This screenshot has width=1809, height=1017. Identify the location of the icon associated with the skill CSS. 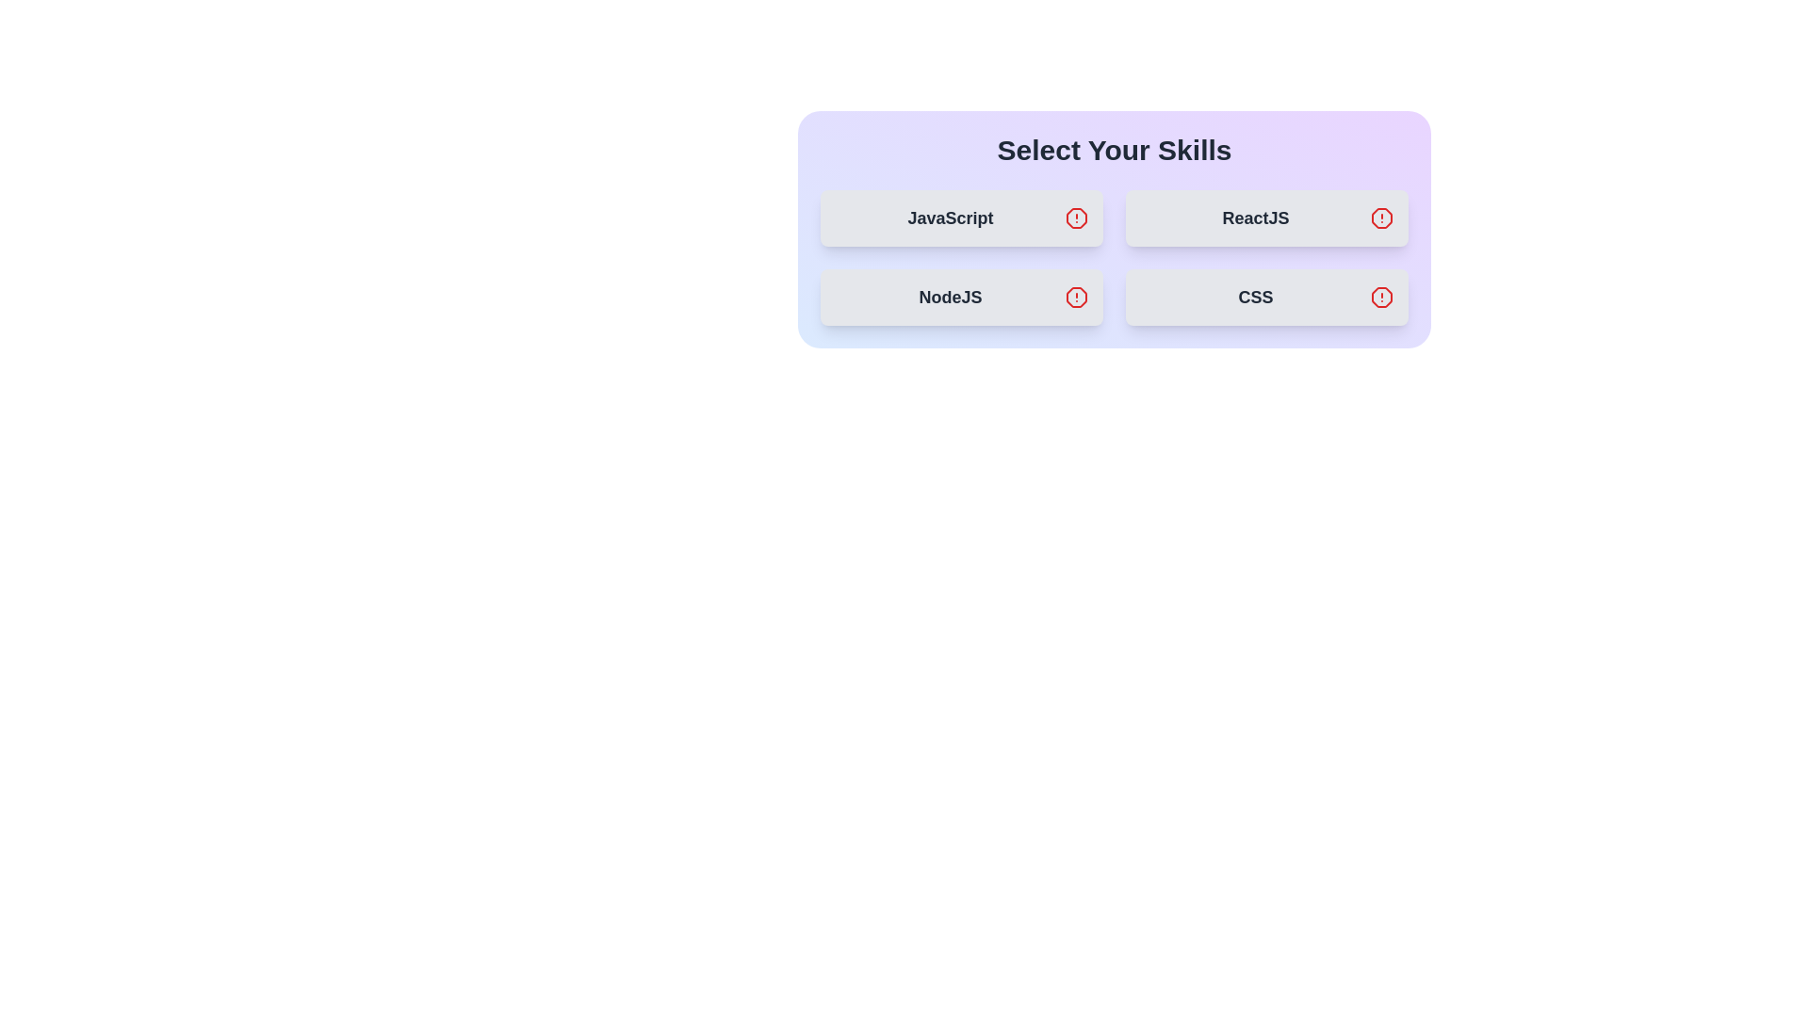
(1382, 297).